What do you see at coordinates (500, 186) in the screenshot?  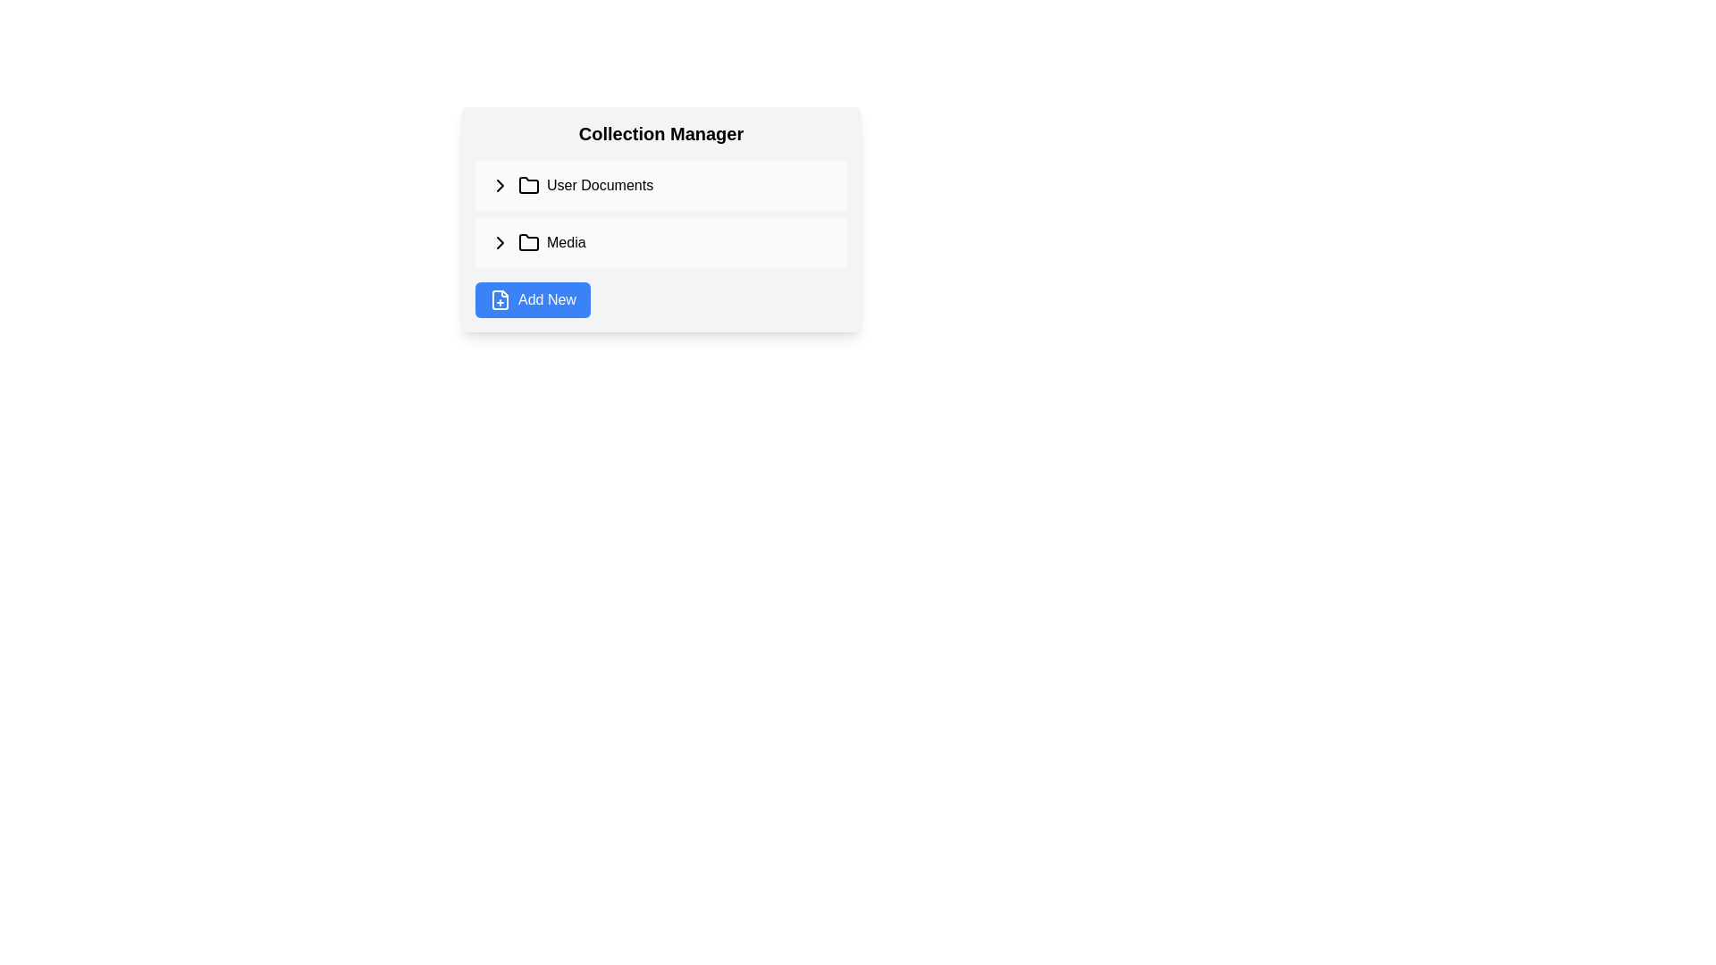 I see `the right-facing chevron button located to the left of the 'User Documents' label` at bounding box center [500, 186].